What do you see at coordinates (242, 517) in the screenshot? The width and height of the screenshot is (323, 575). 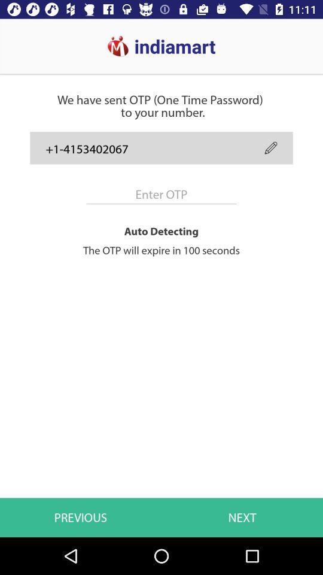 I see `the icon next to the previous` at bounding box center [242, 517].